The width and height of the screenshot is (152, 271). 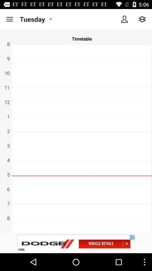 I want to click on menu button, so click(x=142, y=19).